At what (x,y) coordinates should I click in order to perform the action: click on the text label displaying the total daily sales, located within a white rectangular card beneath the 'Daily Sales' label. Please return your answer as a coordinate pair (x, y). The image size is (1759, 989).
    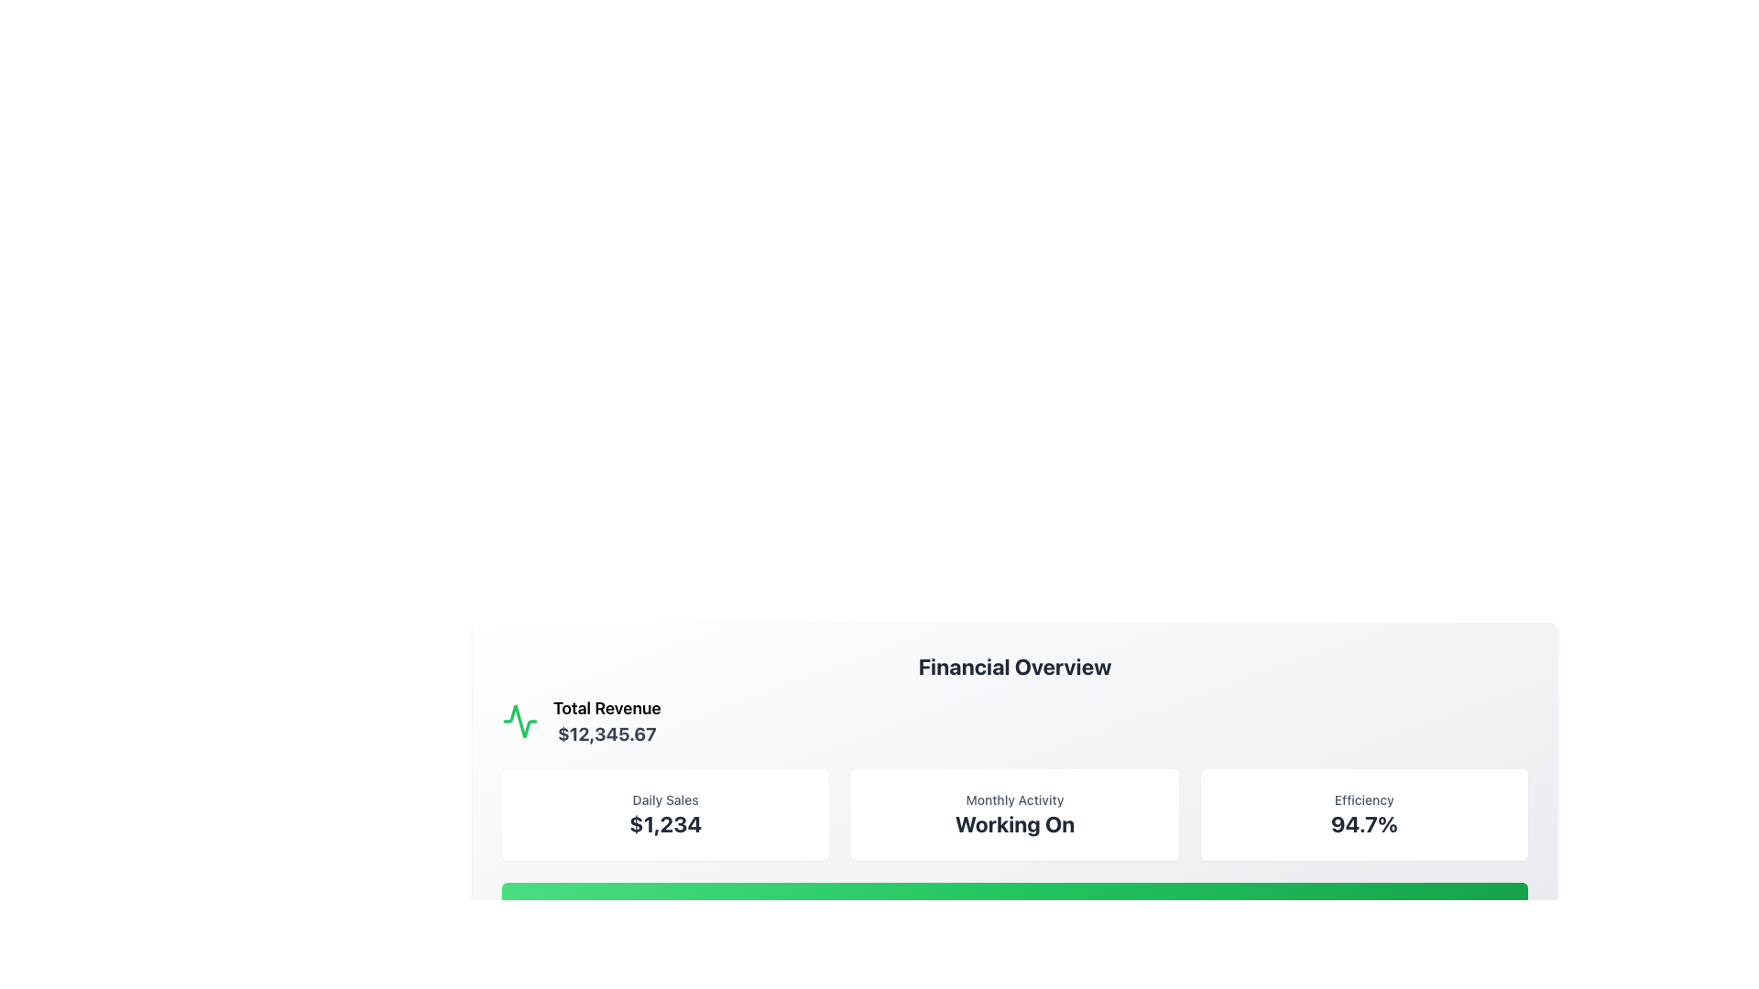
    Looking at the image, I should click on (664, 822).